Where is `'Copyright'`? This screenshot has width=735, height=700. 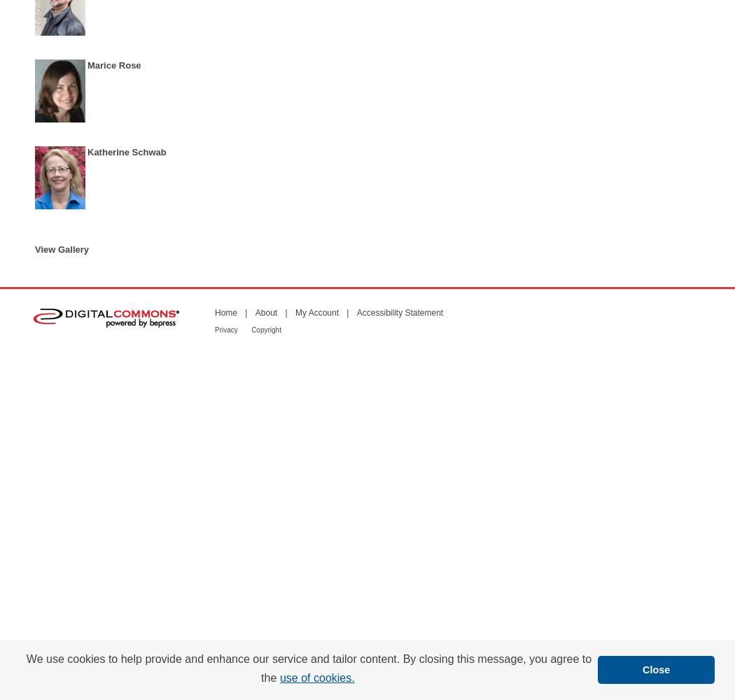 'Copyright' is located at coordinates (265, 328).